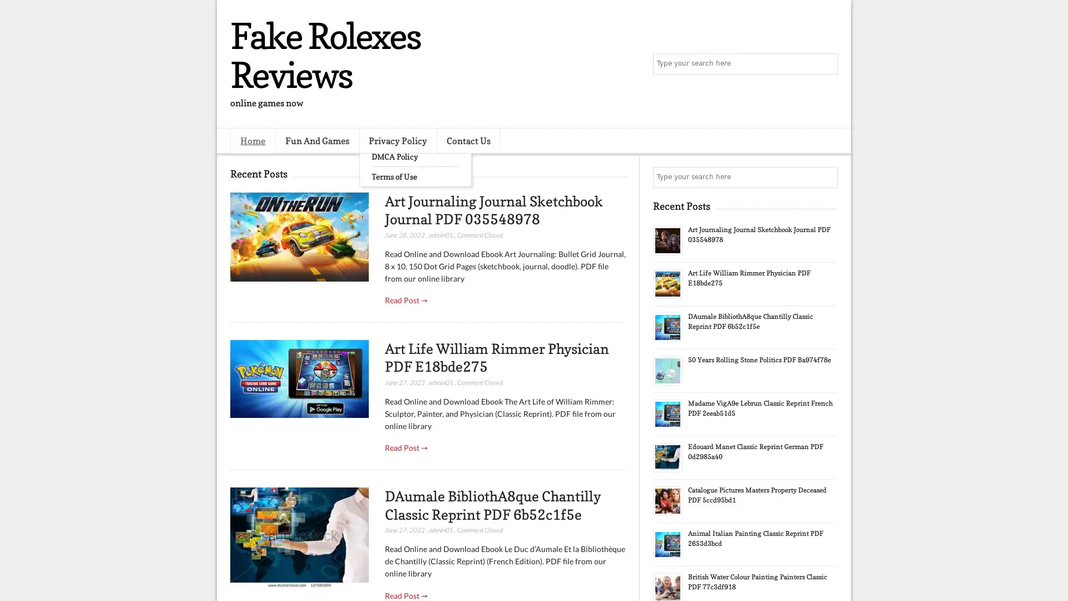 Image resolution: width=1068 pixels, height=601 pixels. What do you see at coordinates (826, 177) in the screenshot?
I see `Search` at bounding box center [826, 177].